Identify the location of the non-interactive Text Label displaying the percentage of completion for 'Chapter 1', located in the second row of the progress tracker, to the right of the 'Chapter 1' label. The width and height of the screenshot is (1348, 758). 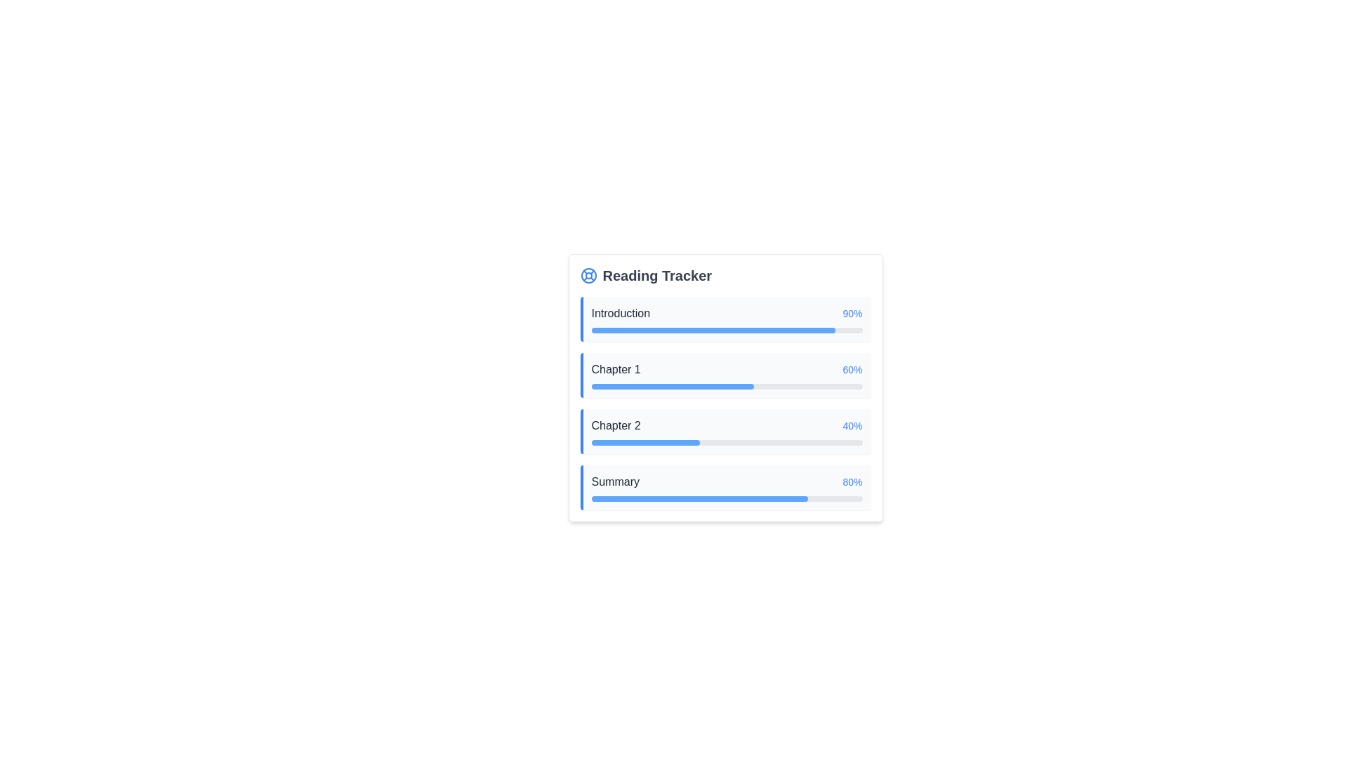
(852, 369).